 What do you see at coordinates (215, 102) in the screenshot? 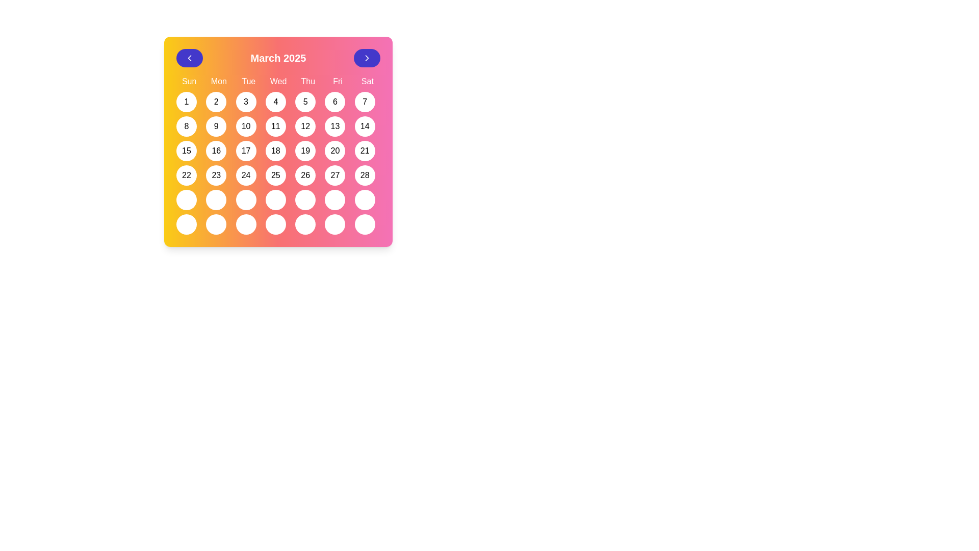
I see `the button representing the second day in a month within the calendar grid` at bounding box center [215, 102].